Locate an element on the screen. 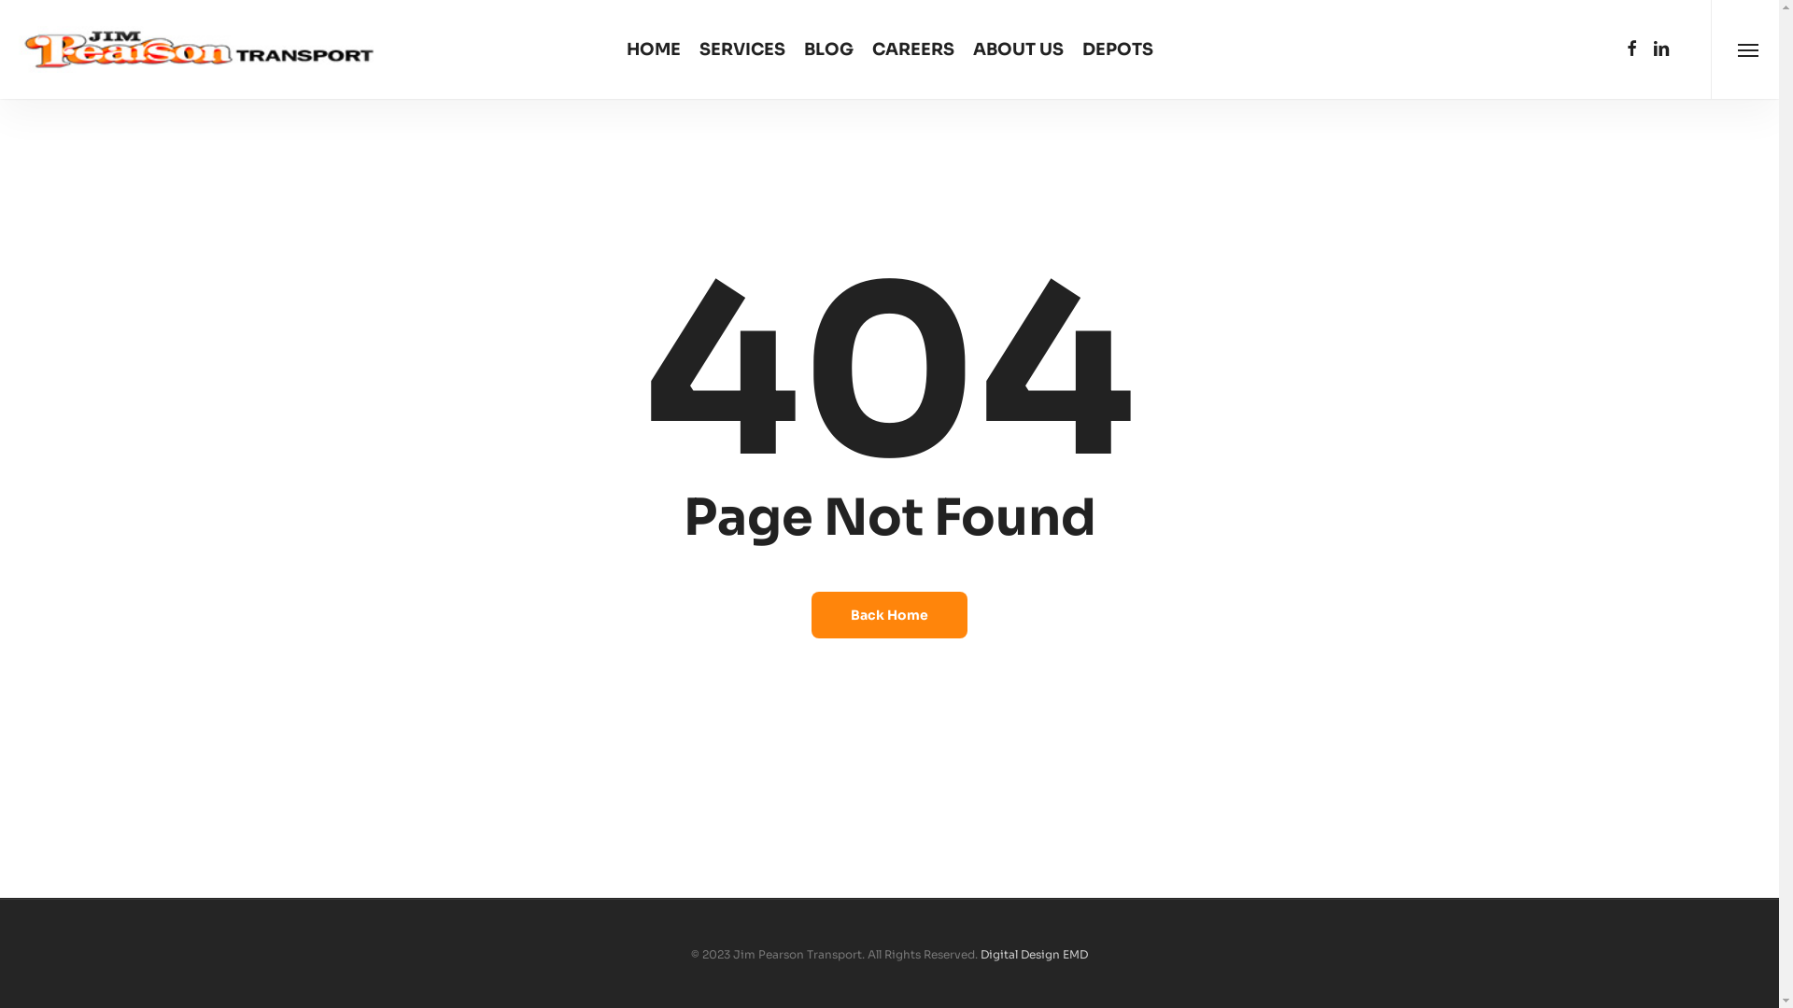 Image resolution: width=1793 pixels, height=1008 pixels. 'facebook' is located at coordinates (1631, 49).